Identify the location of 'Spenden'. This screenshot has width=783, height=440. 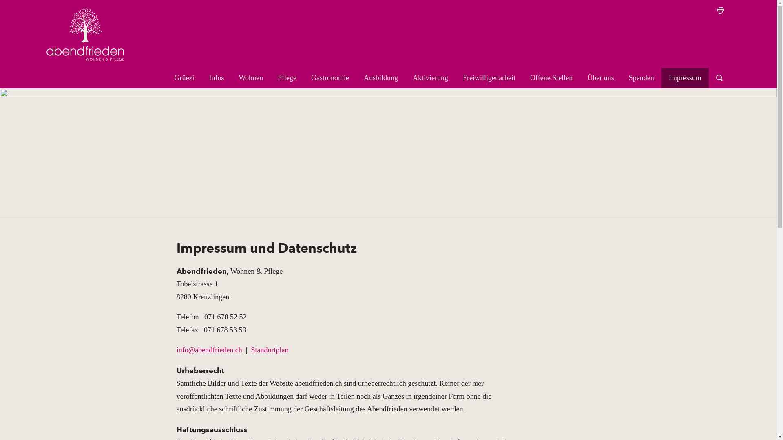
(641, 78).